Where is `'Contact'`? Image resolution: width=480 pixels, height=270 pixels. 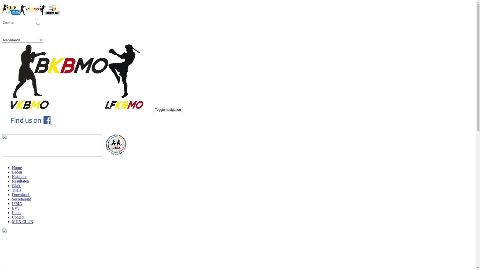 'Contact' is located at coordinates (18, 217).